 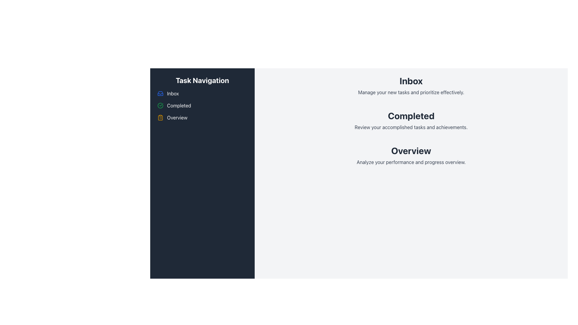 I want to click on the third List navigation item under the 'Task Navigation' menu, so click(x=202, y=117).